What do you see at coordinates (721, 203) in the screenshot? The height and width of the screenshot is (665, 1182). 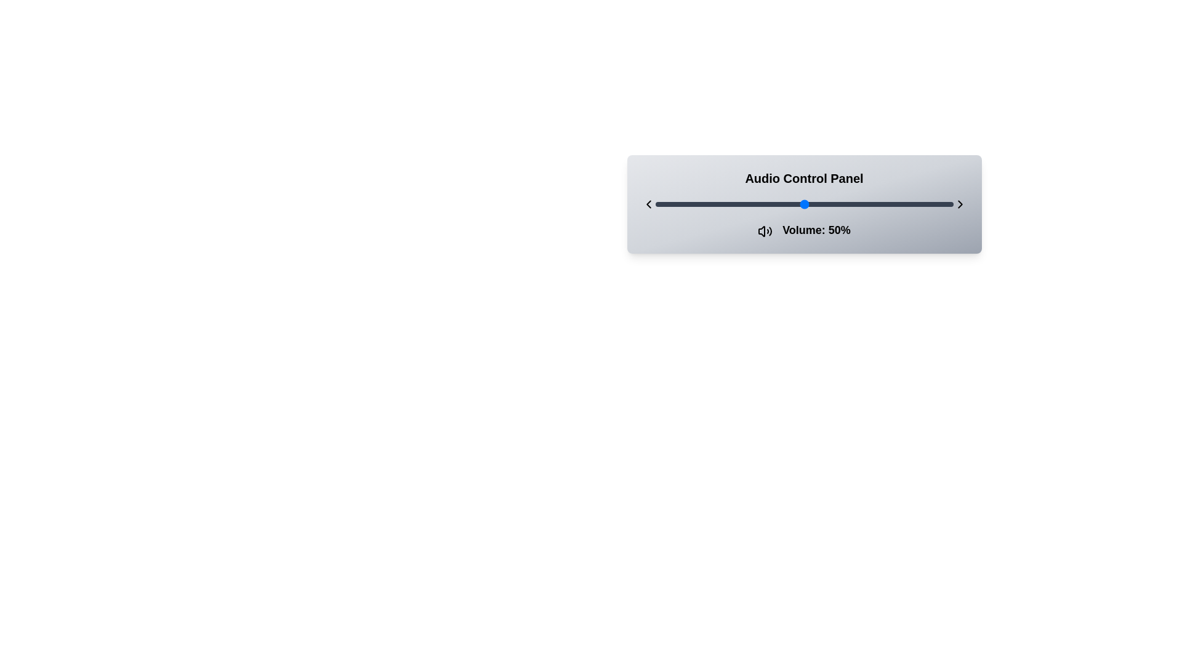 I see `the volume` at bounding box center [721, 203].